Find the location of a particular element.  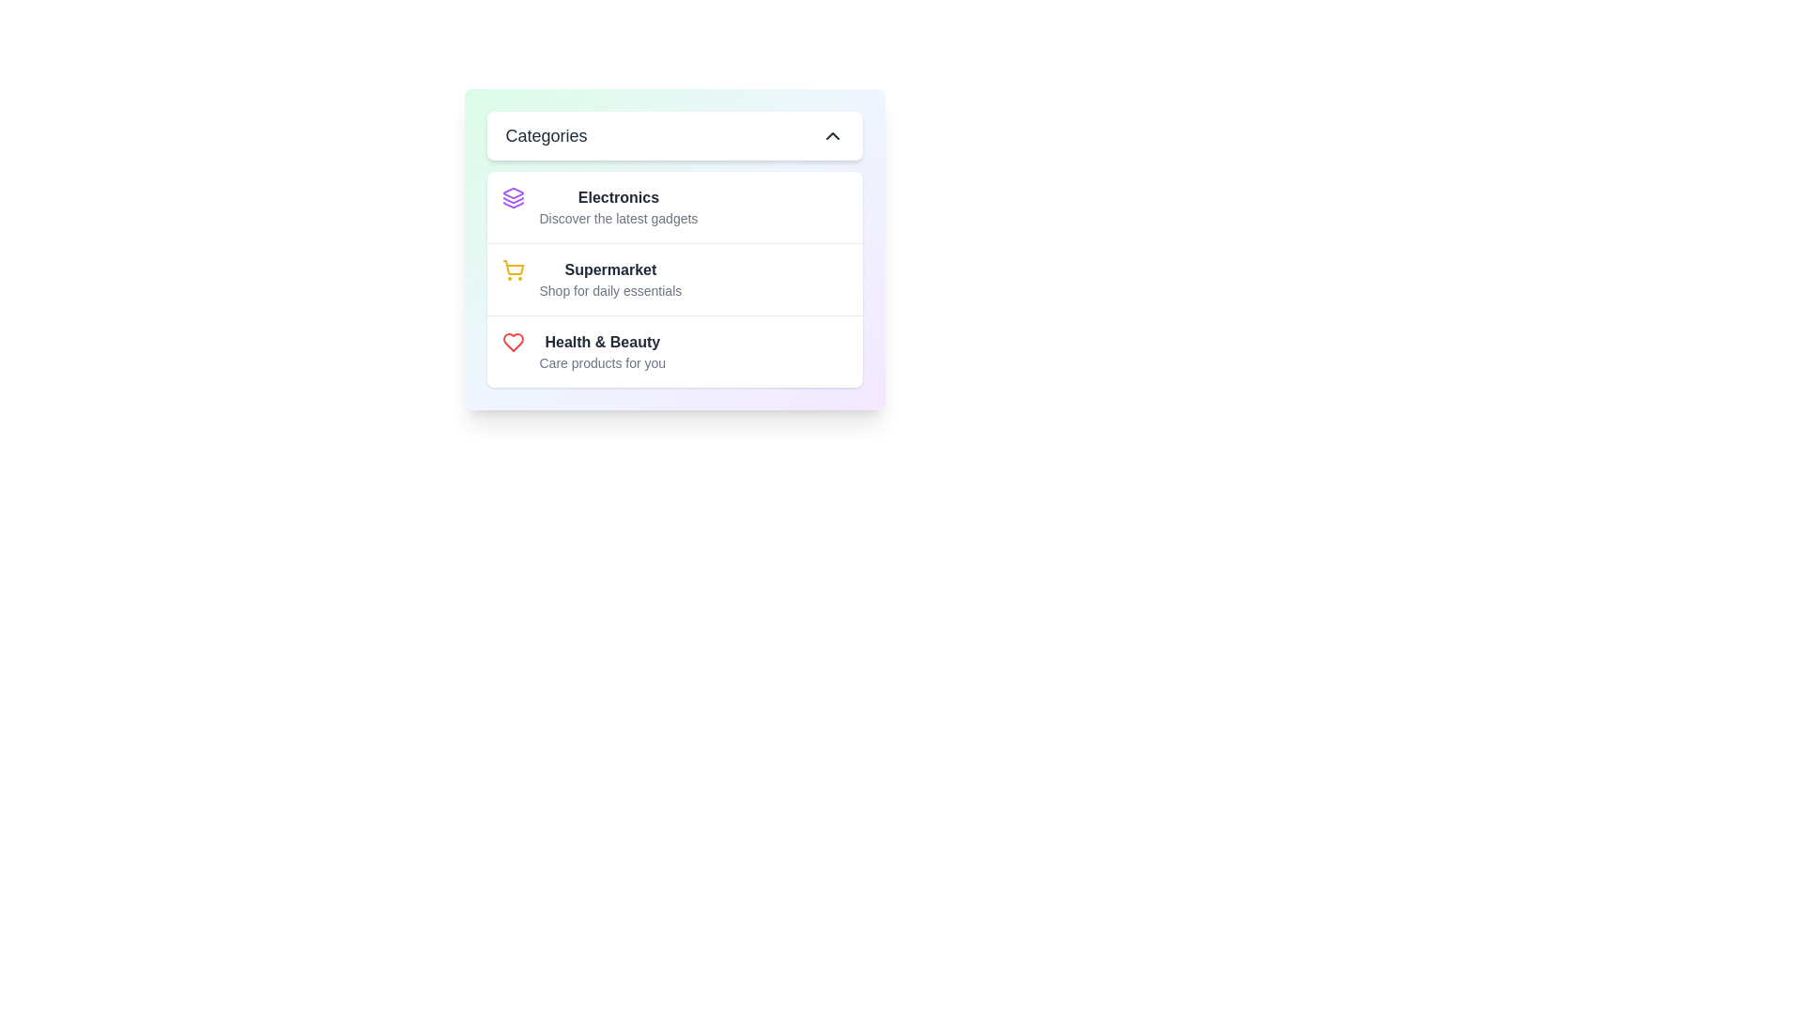

the static text label providing a description for the 'Health & Beauty' category, located below the bold title in the dropdown interface is located at coordinates (602, 362).